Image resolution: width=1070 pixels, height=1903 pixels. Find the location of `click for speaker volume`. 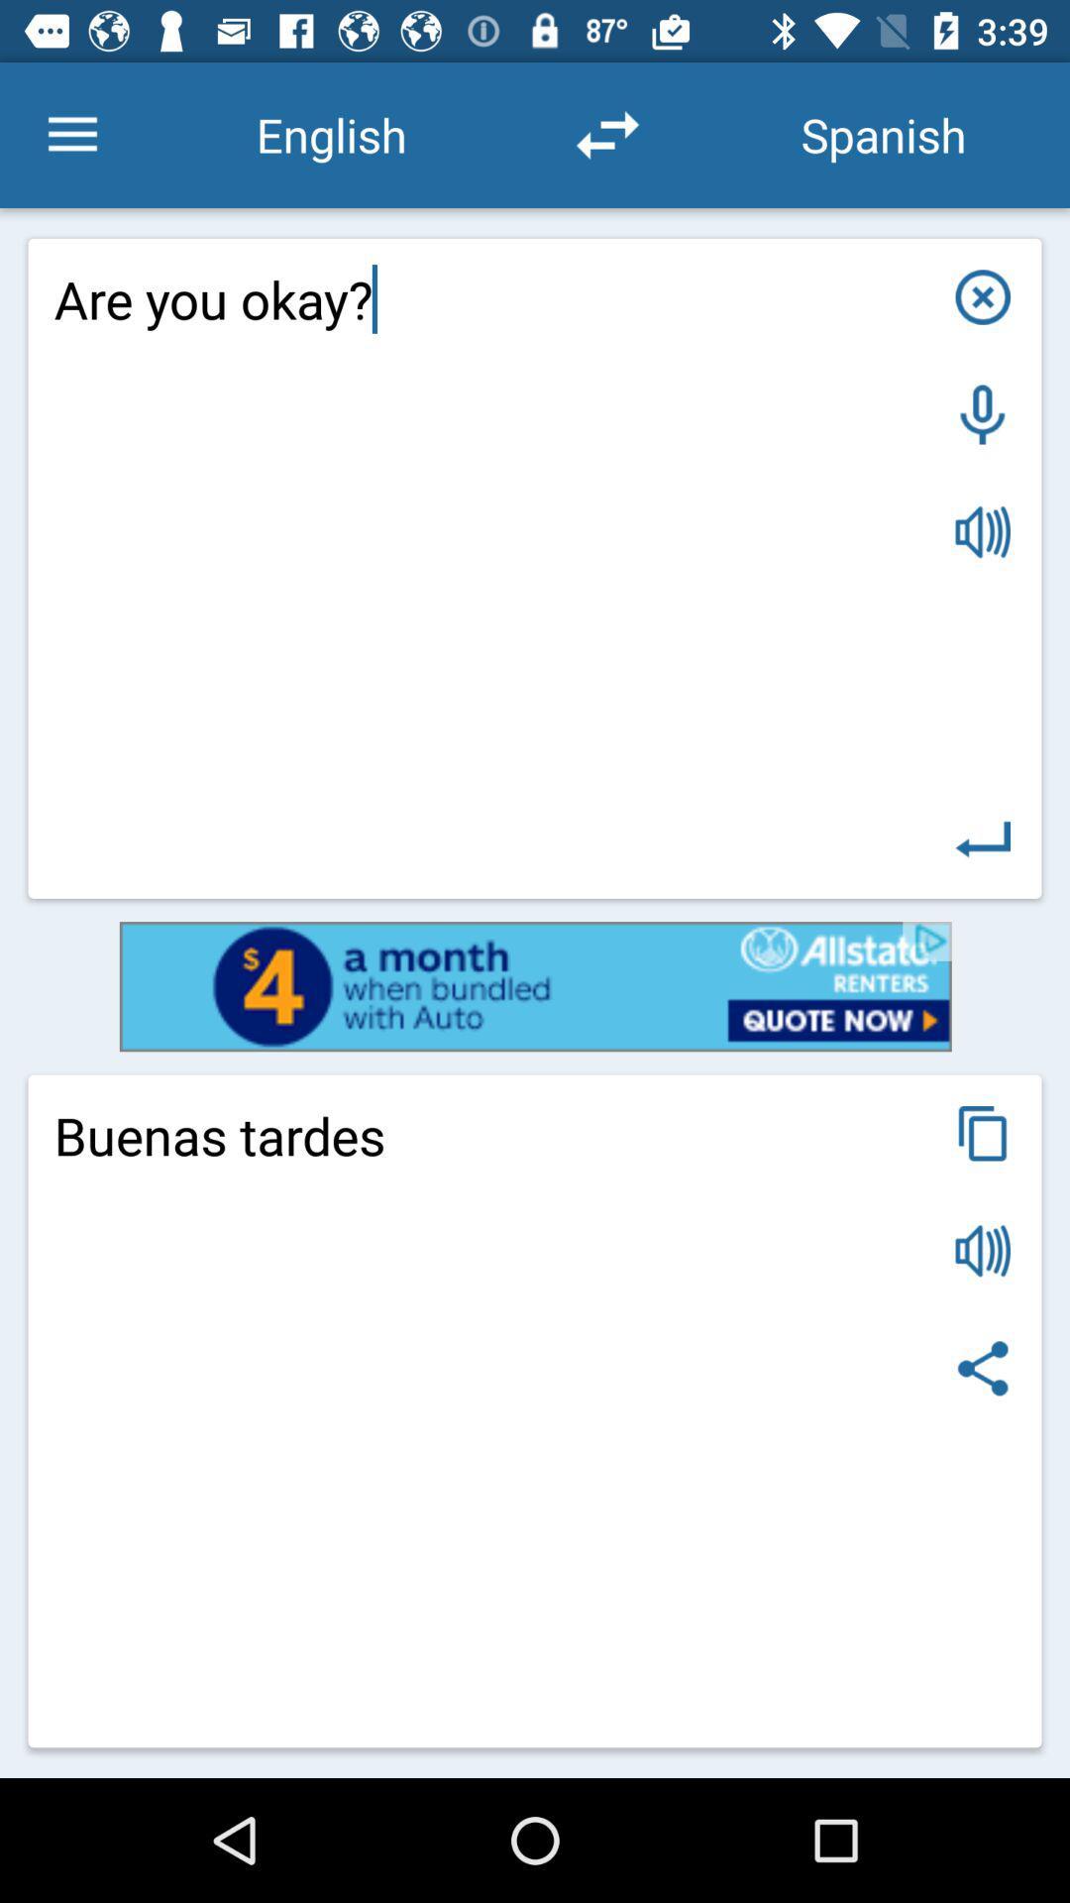

click for speaker volume is located at coordinates (983, 1250).